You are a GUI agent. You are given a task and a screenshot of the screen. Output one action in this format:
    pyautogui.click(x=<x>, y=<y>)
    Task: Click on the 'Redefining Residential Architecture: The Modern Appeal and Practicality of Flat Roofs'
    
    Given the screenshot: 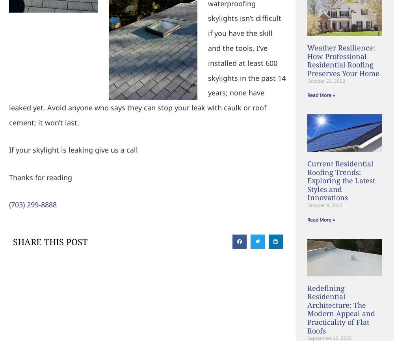 What is the action you would take?
    pyautogui.click(x=341, y=309)
    